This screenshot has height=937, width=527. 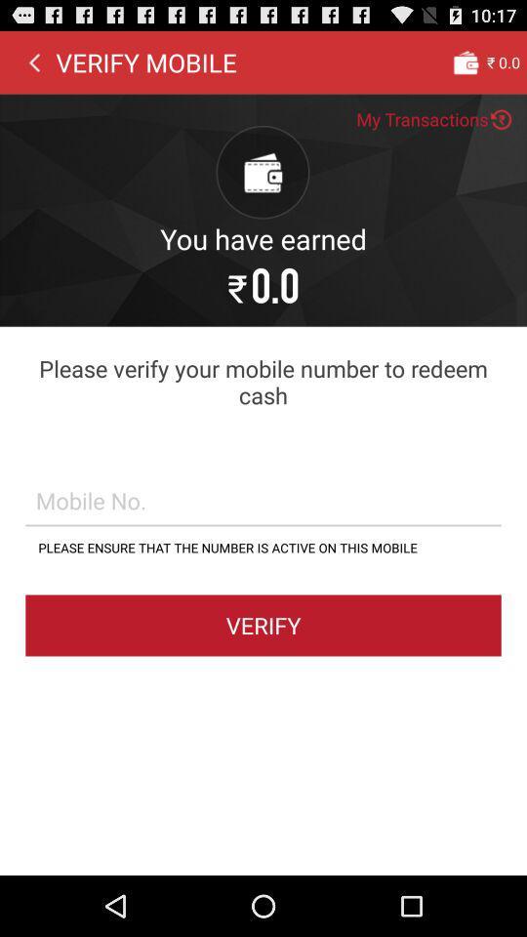 What do you see at coordinates (34, 61) in the screenshot?
I see `the item next to verify mobile` at bounding box center [34, 61].